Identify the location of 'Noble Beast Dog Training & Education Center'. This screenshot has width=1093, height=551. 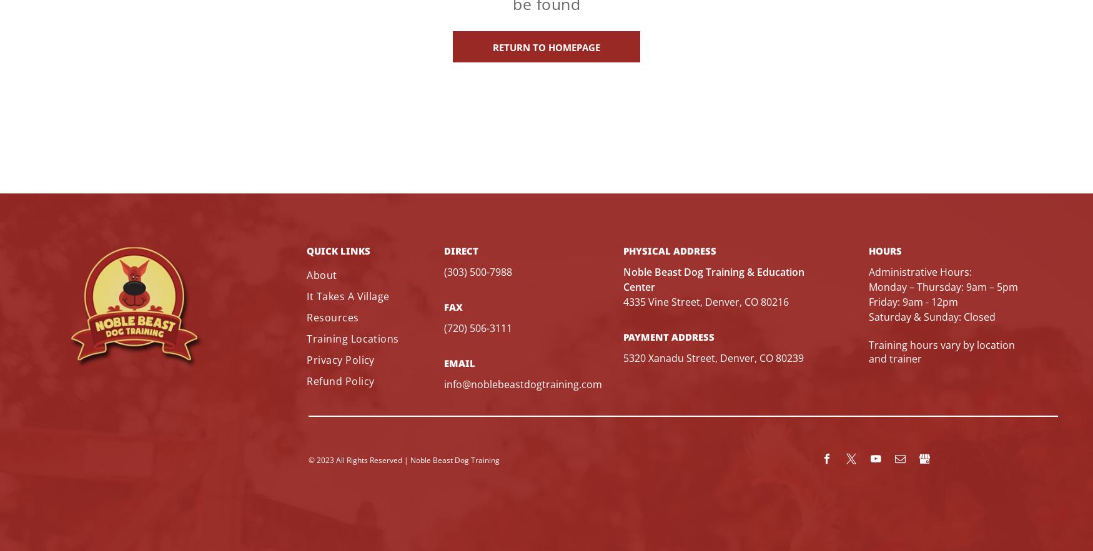
(713, 278).